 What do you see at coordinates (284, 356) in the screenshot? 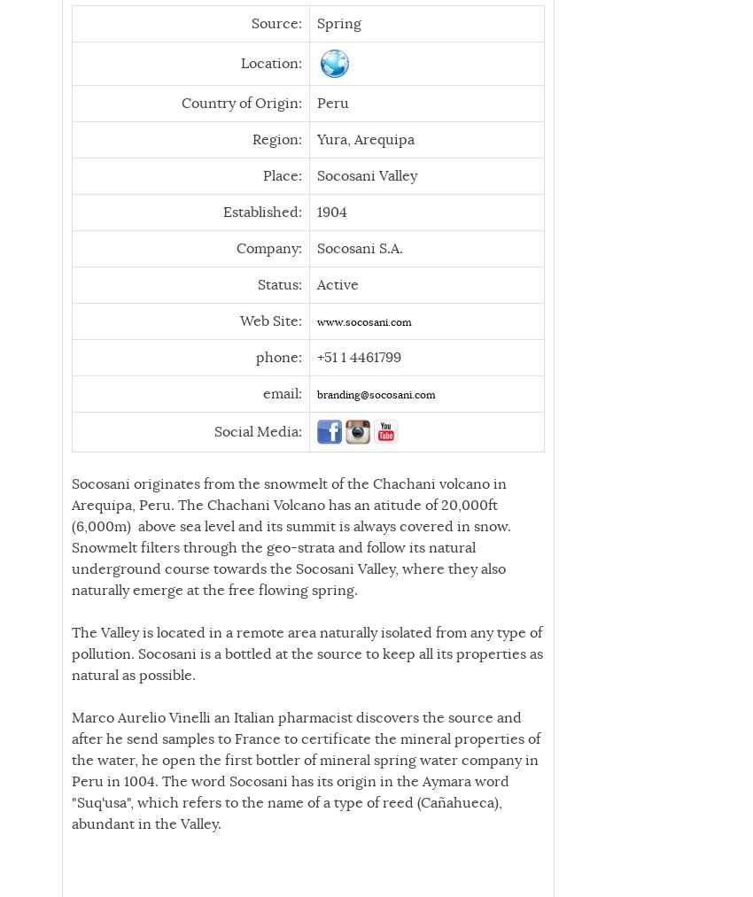
I see `'+51 1 4461799'` at bounding box center [284, 356].